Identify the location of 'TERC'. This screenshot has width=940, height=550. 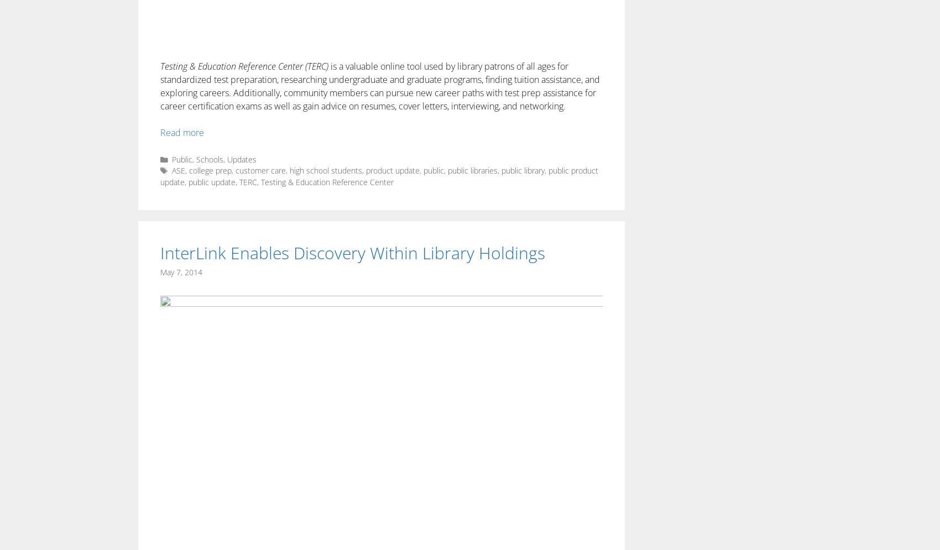
(239, 181).